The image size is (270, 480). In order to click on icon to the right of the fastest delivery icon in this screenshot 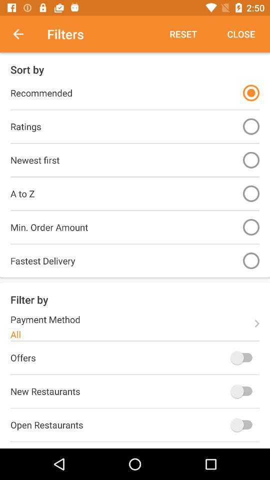, I will do `click(250, 260)`.